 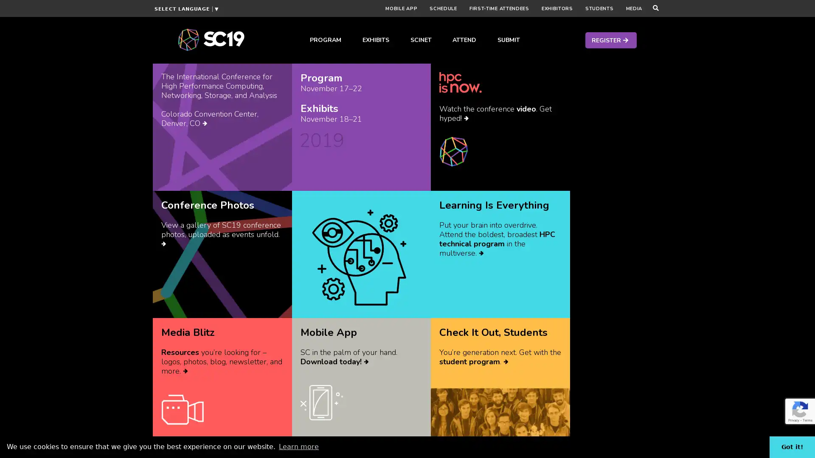 I want to click on learn more about cookies, so click(x=299, y=446).